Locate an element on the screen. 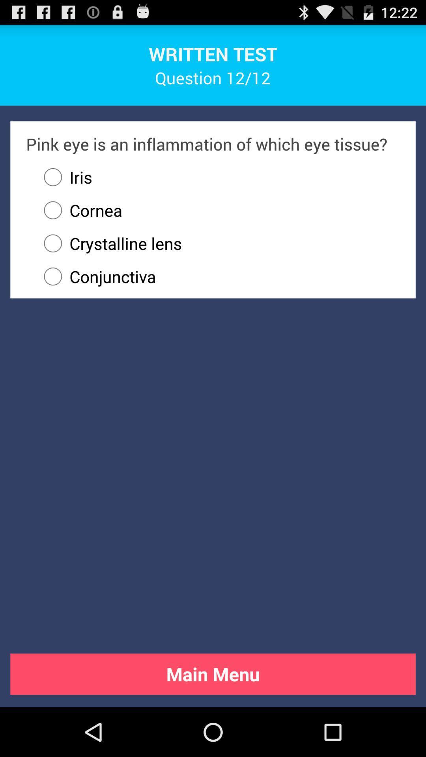 Image resolution: width=426 pixels, height=757 pixels. conjunctiva icon is located at coordinates (218, 276).